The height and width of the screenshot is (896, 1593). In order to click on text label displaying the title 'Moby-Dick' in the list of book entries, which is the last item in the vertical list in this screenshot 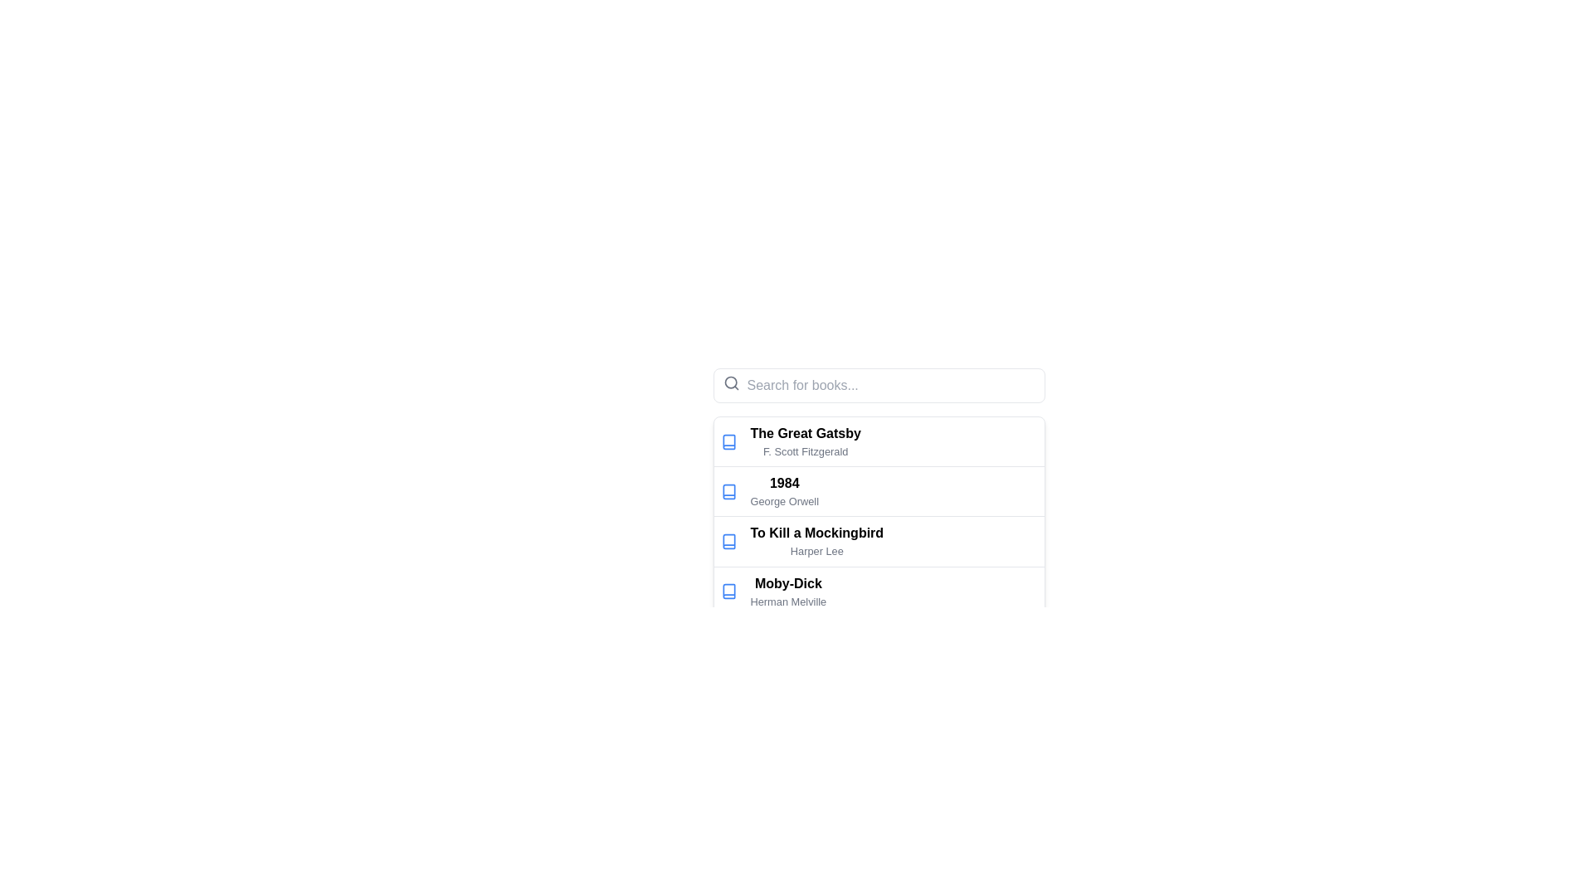, I will do `click(787, 582)`.